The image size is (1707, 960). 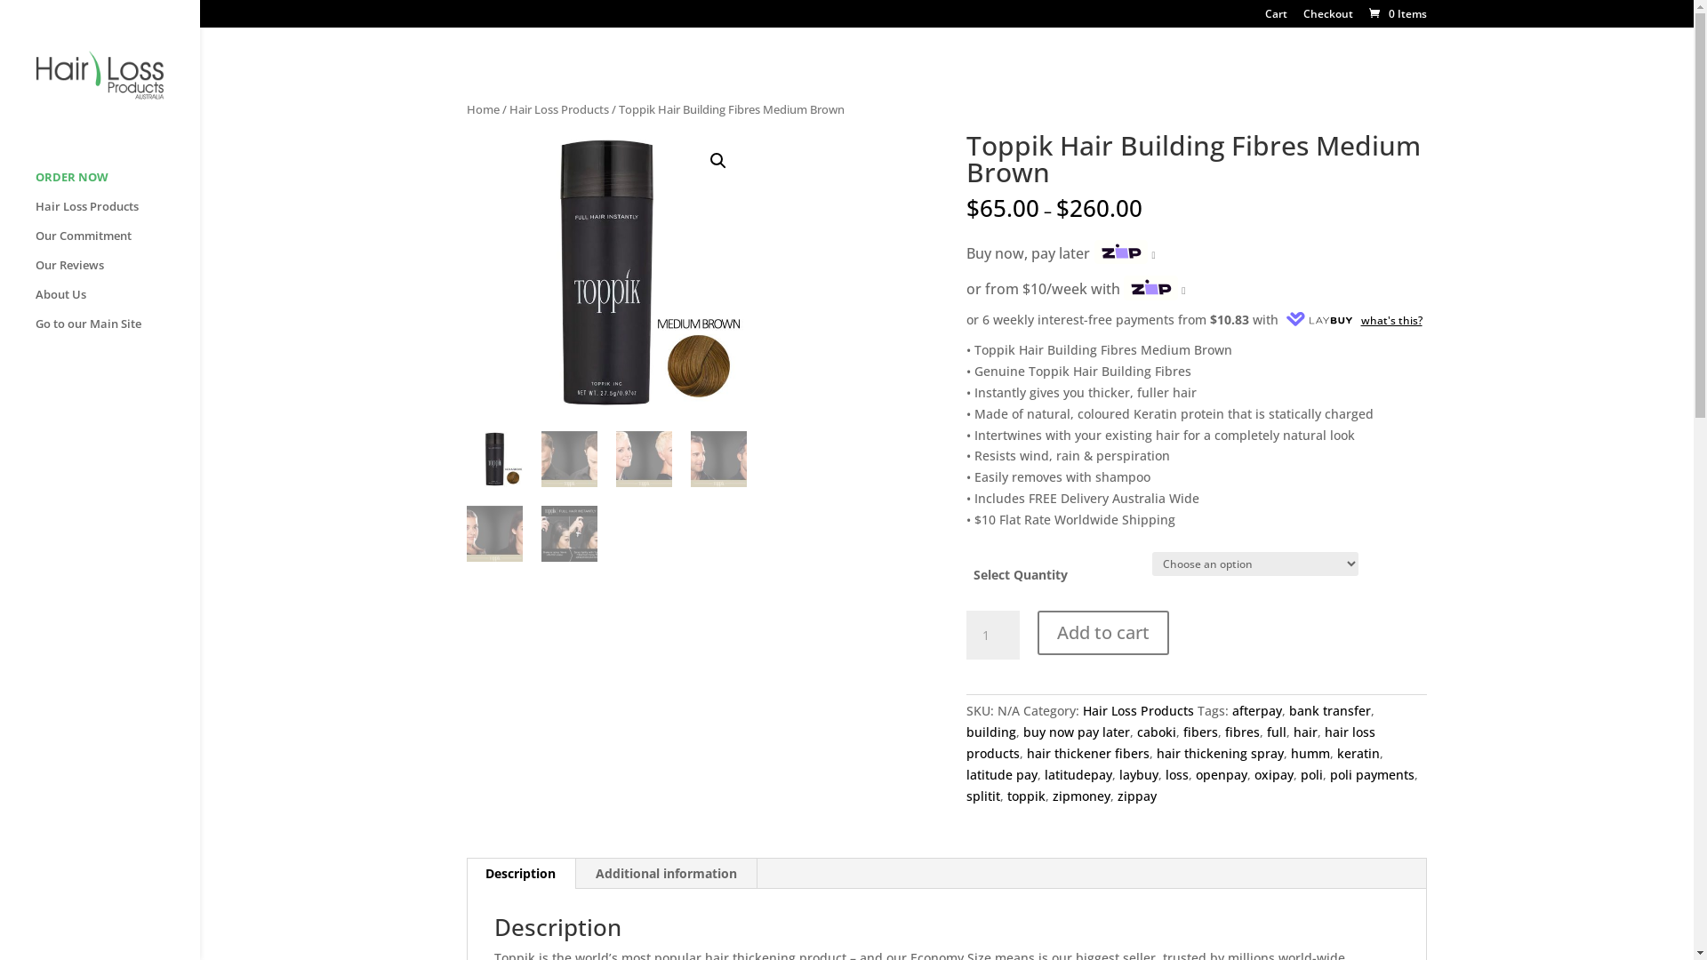 What do you see at coordinates (1026, 795) in the screenshot?
I see `'toppik'` at bounding box center [1026, 795].